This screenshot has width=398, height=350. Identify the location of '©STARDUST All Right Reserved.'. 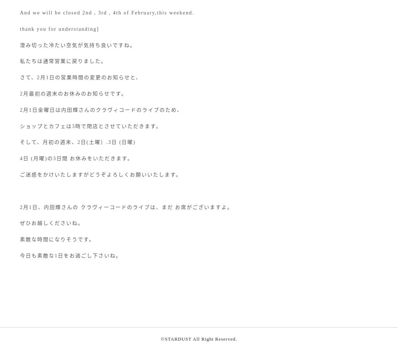
(199, 338).